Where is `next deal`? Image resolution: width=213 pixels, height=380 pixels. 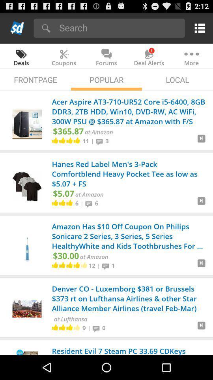
next deal is located at coordinates (201, 266).